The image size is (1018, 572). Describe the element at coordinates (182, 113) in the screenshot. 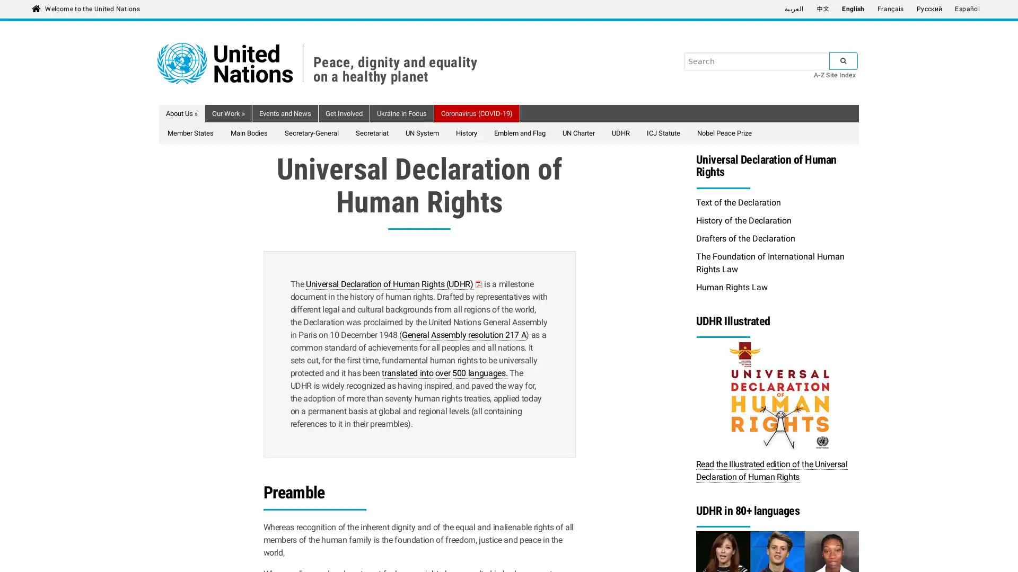

I see `About Us` at that location.